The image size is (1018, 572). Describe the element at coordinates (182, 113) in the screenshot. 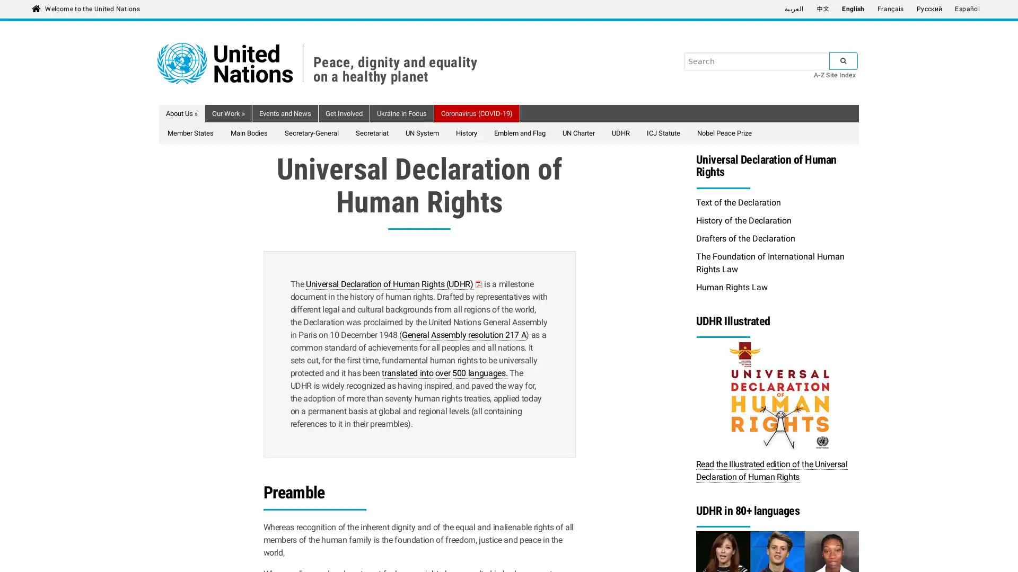

I see `About Us` at that location.